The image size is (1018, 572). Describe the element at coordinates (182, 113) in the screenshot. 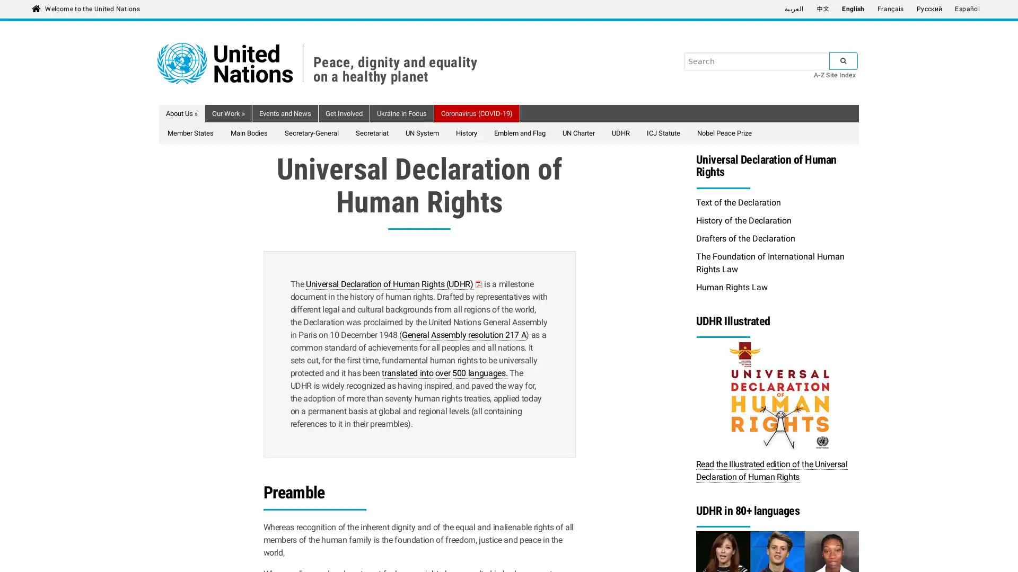

I see `About Us` at that location.